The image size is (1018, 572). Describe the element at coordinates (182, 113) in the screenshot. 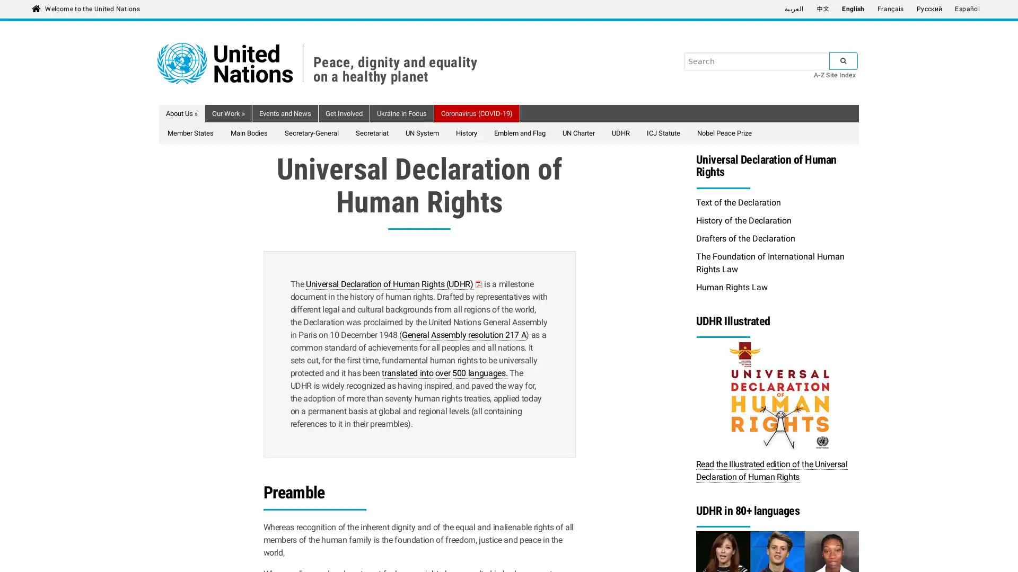

I see `About Us` at that location.